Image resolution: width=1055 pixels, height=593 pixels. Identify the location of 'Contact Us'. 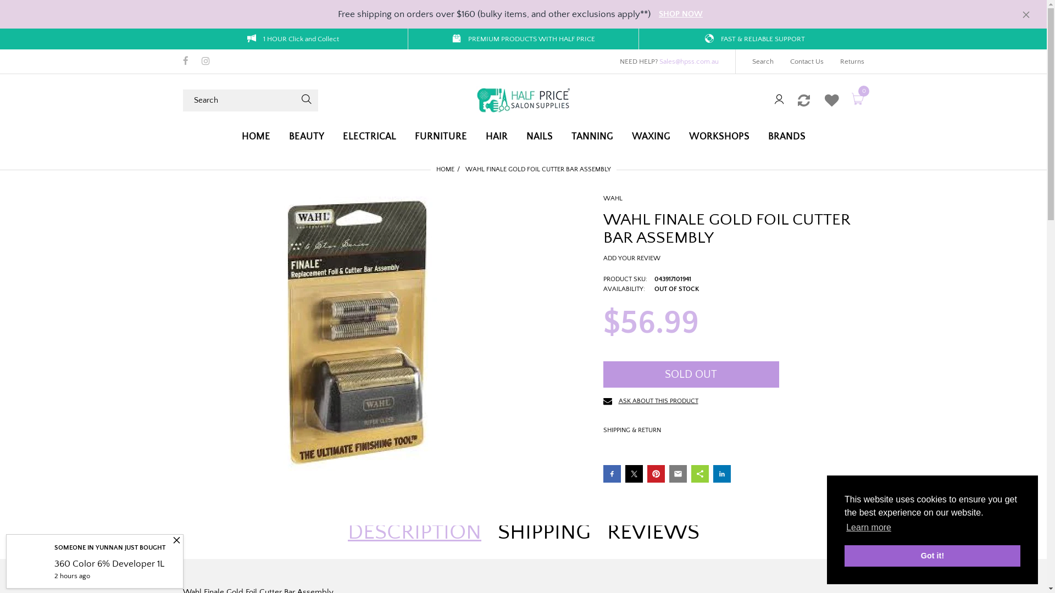
(807, 61).